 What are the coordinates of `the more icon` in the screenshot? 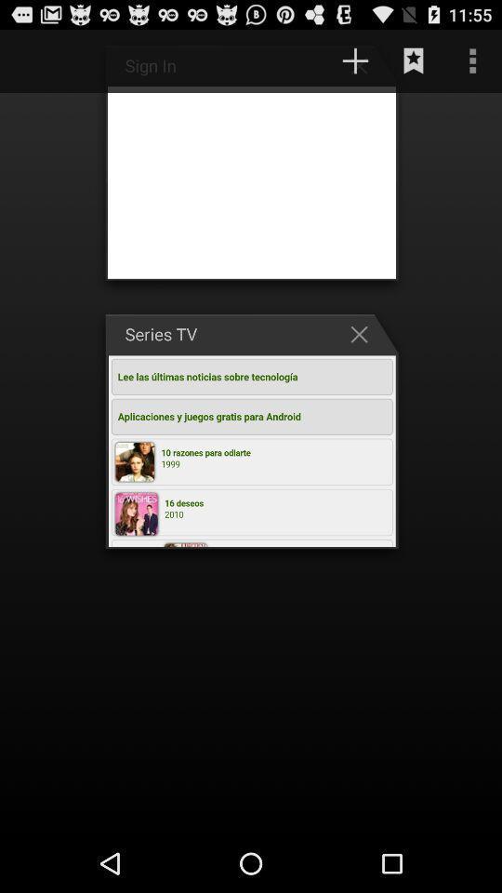 It's located at (472, 65).